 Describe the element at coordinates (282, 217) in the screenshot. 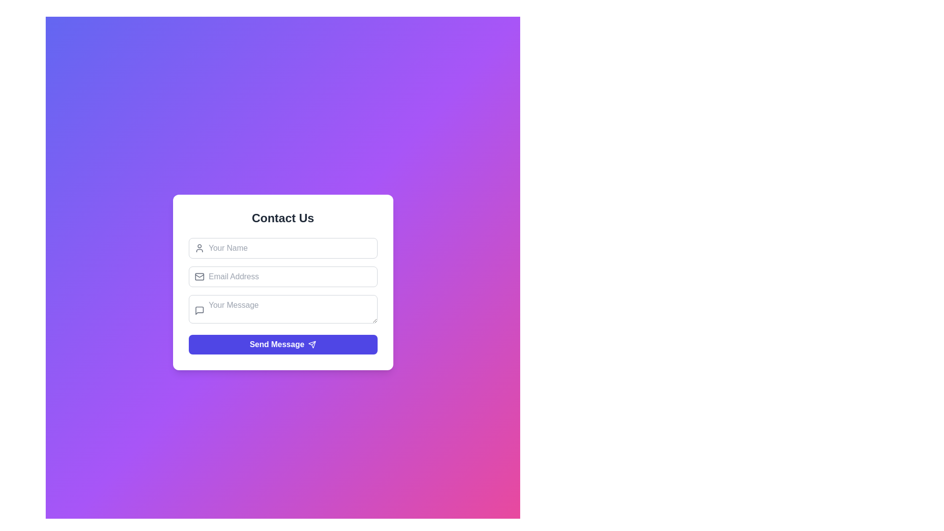

I see `the 'Contact Us' heading, which is a bold text at the top of a centered card-like UI component, surrounded by a white background` at that location.